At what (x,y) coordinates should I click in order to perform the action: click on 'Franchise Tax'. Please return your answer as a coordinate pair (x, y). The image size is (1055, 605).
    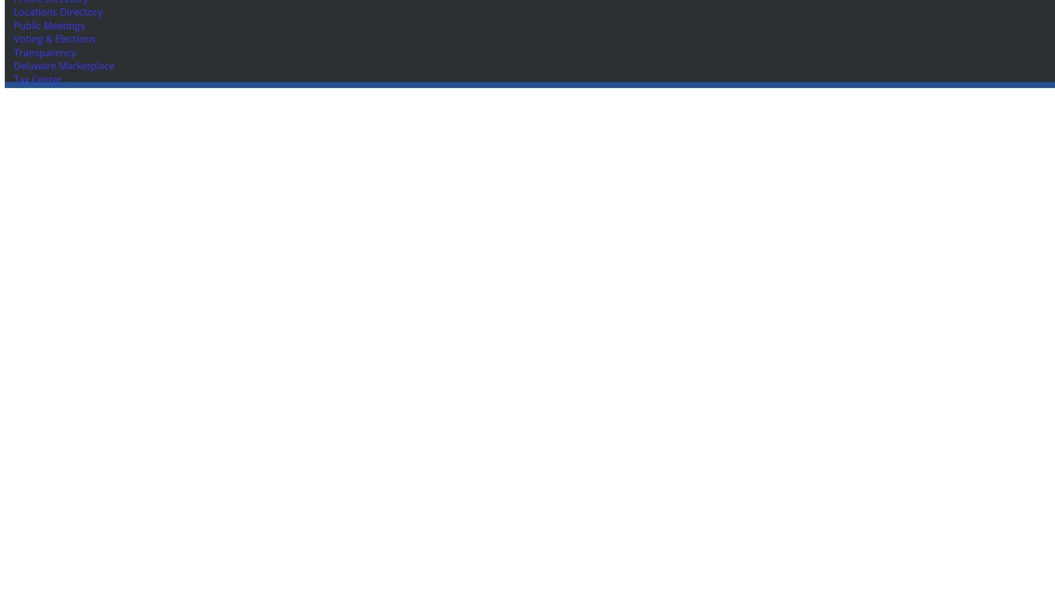
    Looking at the image, I should click on (14, 168).